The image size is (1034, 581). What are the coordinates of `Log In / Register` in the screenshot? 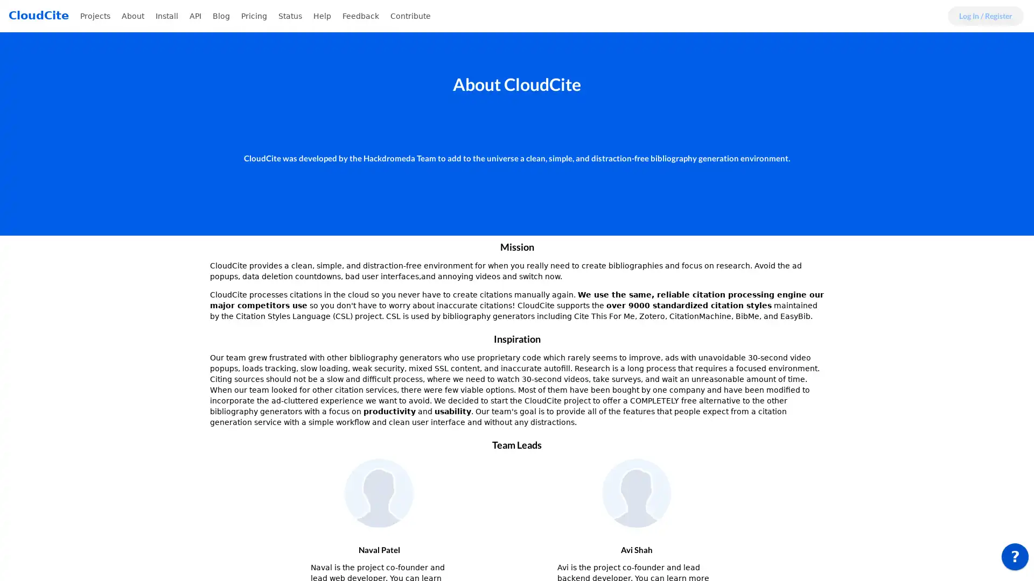 It's located at (986, 16).